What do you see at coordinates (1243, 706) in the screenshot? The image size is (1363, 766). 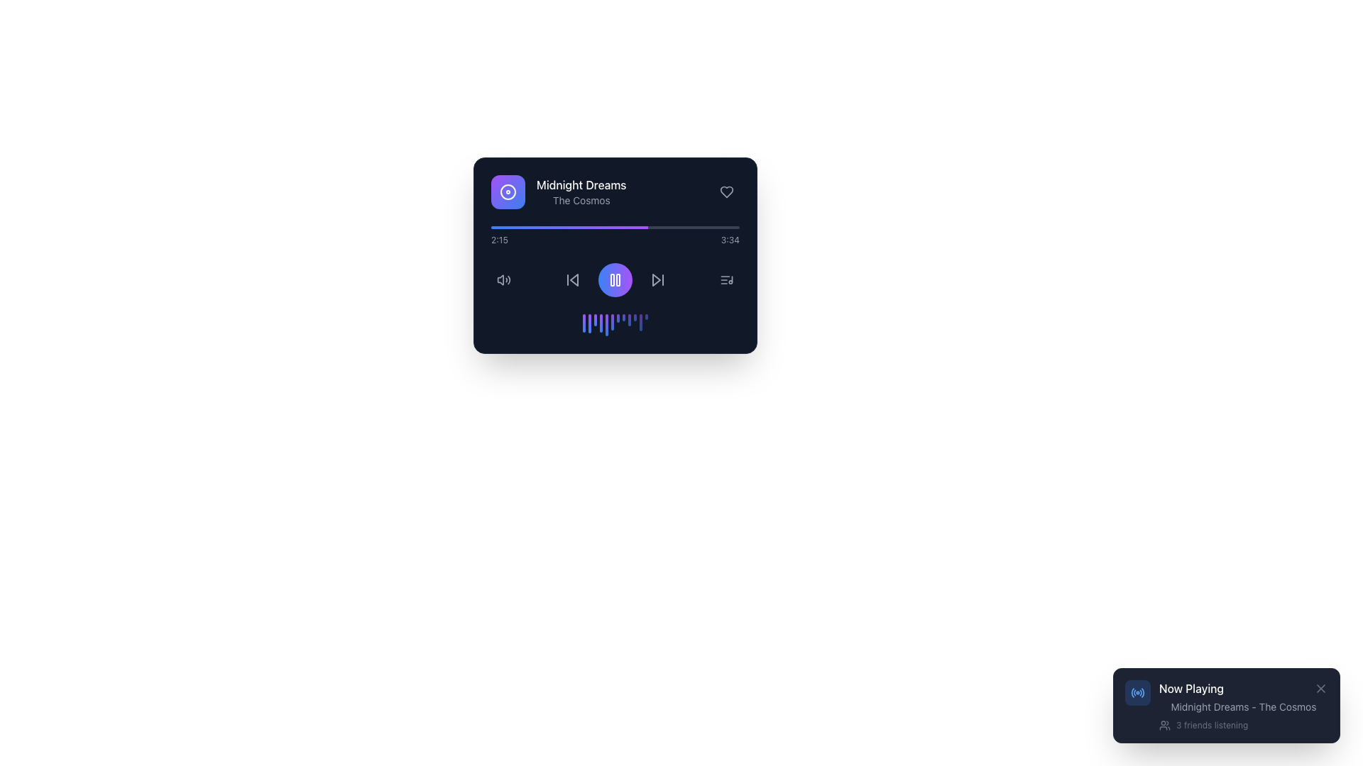 I see `the text label that displays 'Midnight Dreams - The Cosmos', which is located below the 'Now Playing' heading and above the '3 friends listening' label` at bounding box center [1243, 706].